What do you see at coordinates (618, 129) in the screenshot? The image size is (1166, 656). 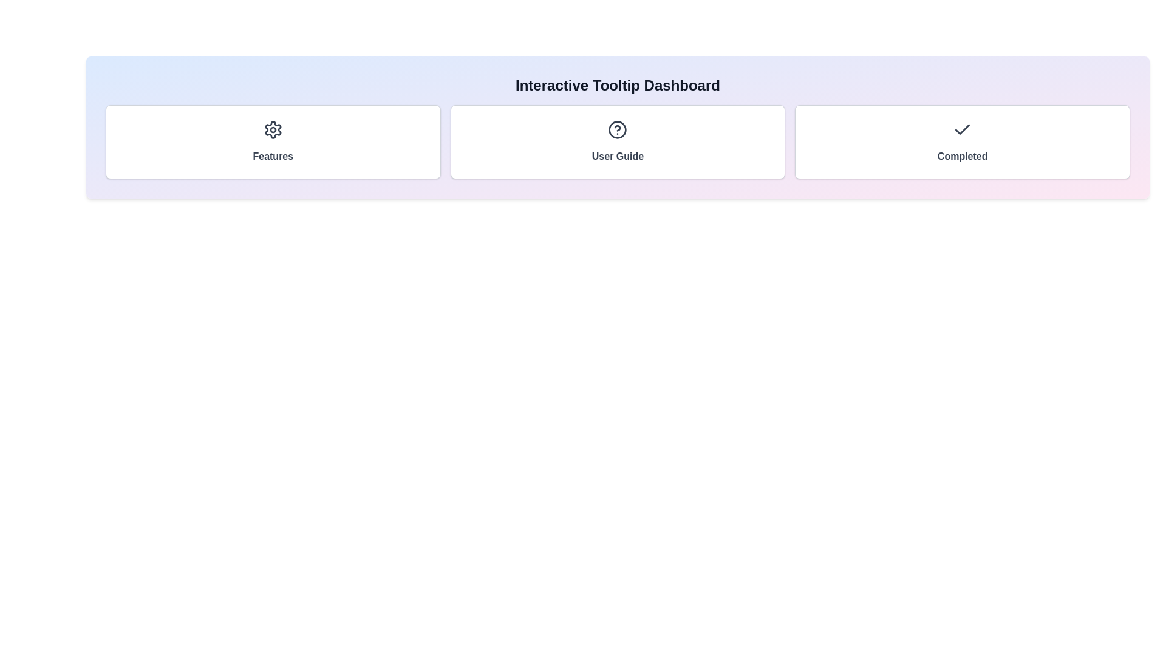 I see `the 'Help' or 'Information' icon located in the center of the 'User Guide' card` at bounding box center [618, 129].